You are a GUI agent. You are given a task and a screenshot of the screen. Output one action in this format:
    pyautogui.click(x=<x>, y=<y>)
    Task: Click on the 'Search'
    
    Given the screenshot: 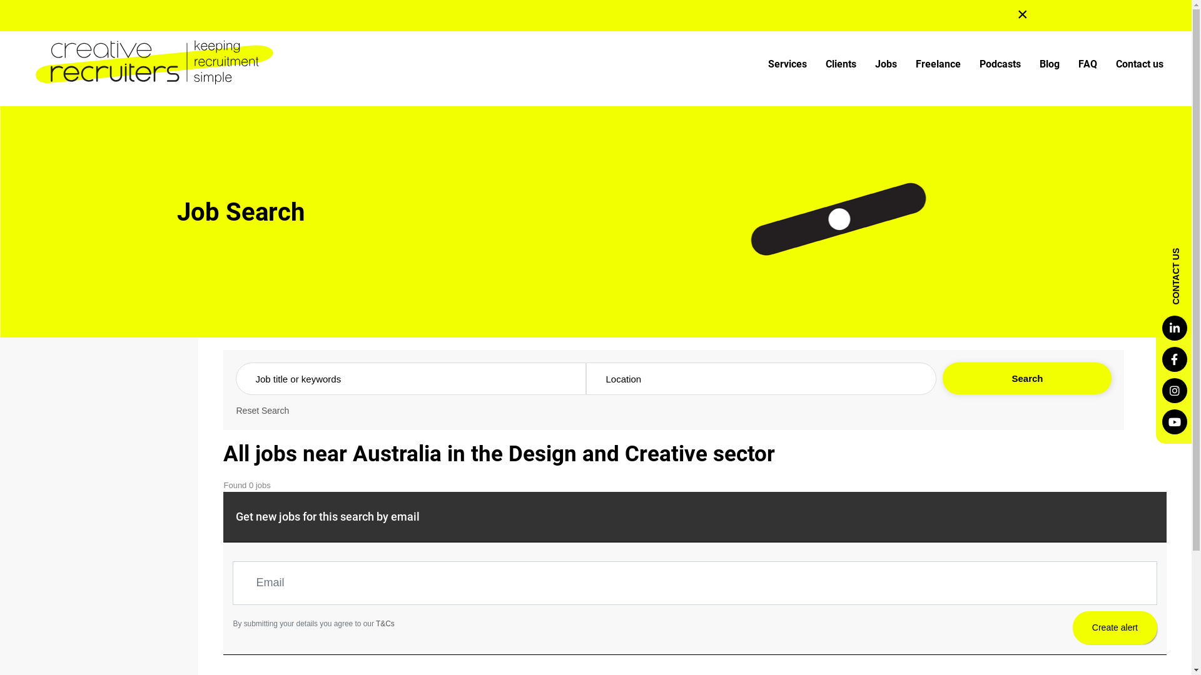 What is the action you would take?
    pyautogui.click(x=1026, y=377)
    